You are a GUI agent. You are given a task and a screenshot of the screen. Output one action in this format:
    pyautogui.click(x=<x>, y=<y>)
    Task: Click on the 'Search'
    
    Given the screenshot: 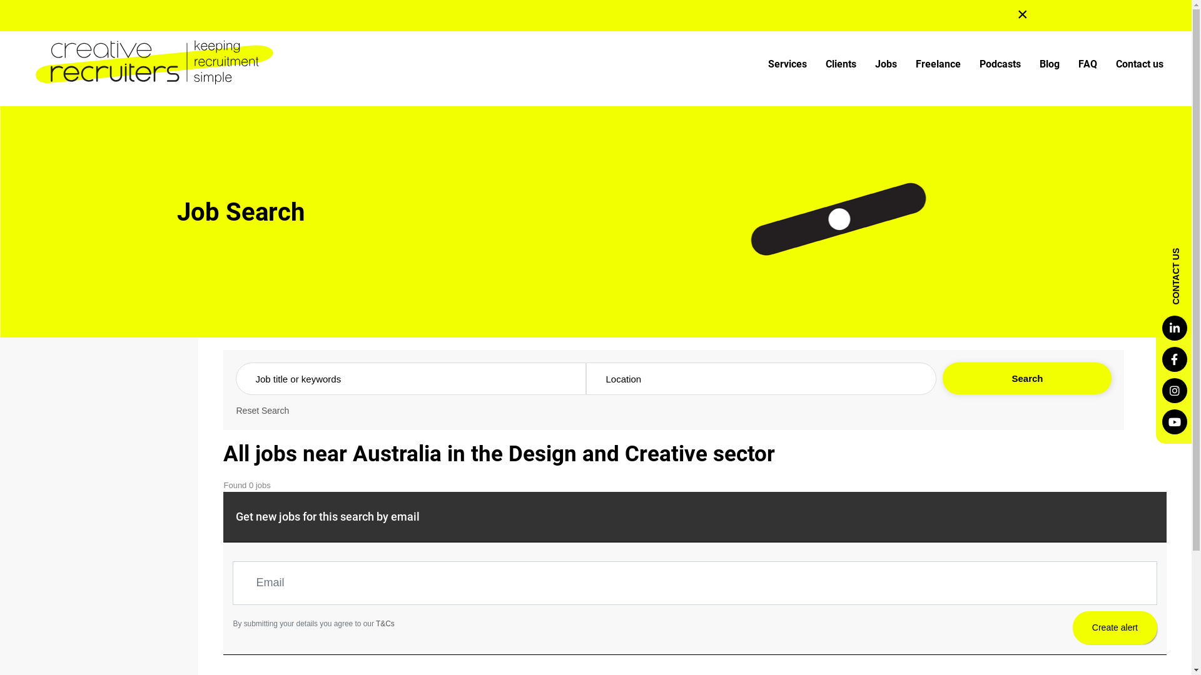 What is the action you would take?
    pyautogui.click(x=1026, y=377)
    